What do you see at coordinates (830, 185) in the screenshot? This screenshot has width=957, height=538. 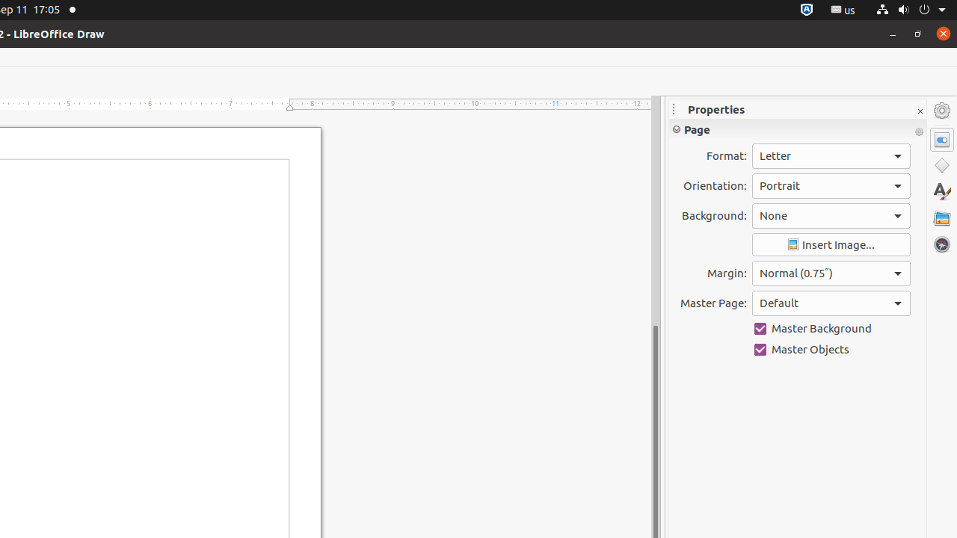 I see `'Orientation:'` at bounding box center [830, 185].